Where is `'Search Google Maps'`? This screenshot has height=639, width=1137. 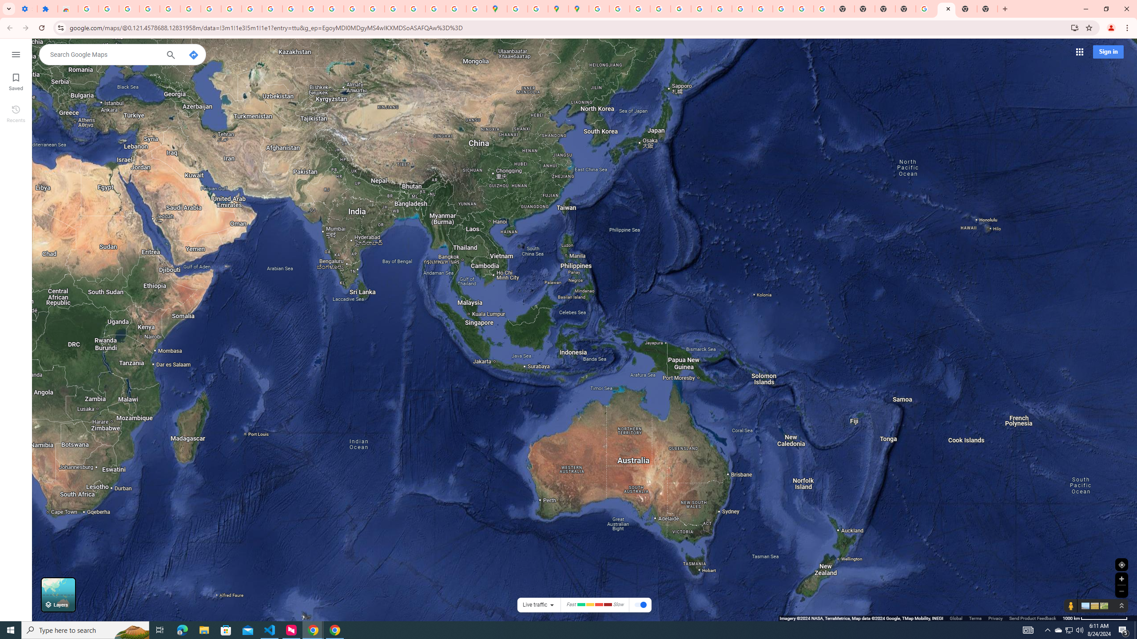
'Search Google Maps' is located at coordinates (103, 54).